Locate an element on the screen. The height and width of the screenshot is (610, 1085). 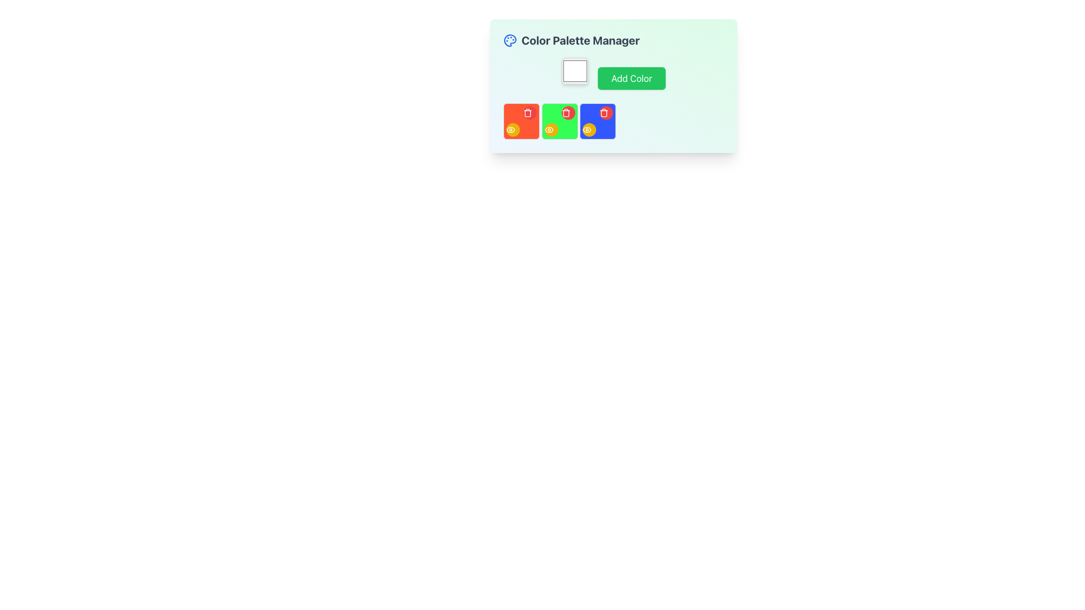
the 'eye' icon located at the bottom-left corner of the yellow square is located at coordinates (549, 129).